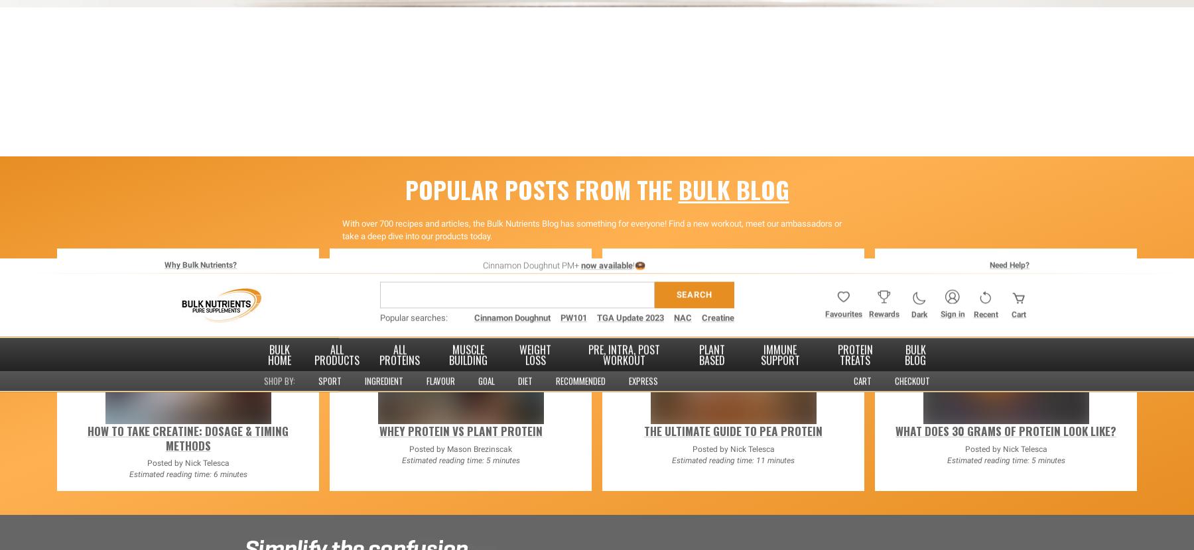 The width and height of the screenshot is (1194, 550). I want to click on 'Motivation Resources', so click(810, 62).